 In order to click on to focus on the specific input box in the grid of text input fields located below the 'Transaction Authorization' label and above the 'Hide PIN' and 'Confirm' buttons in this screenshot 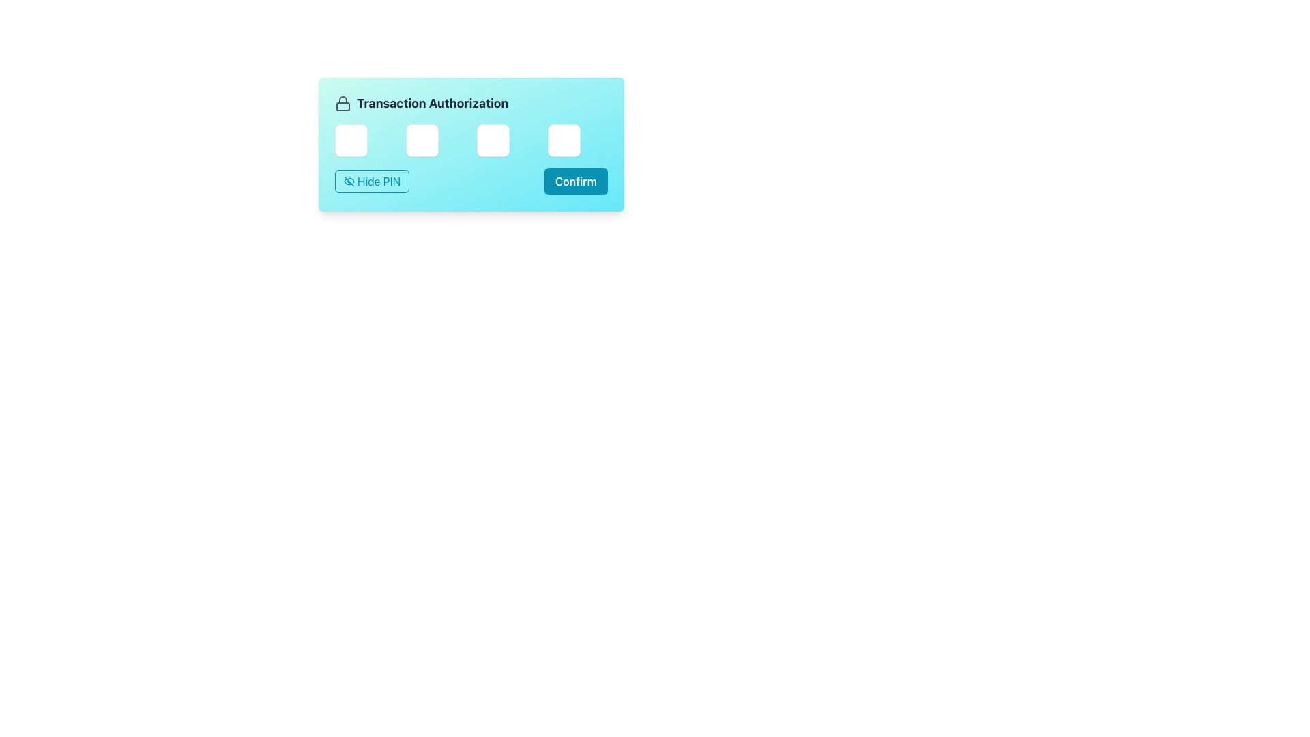, I will do `click(471, 140)`.